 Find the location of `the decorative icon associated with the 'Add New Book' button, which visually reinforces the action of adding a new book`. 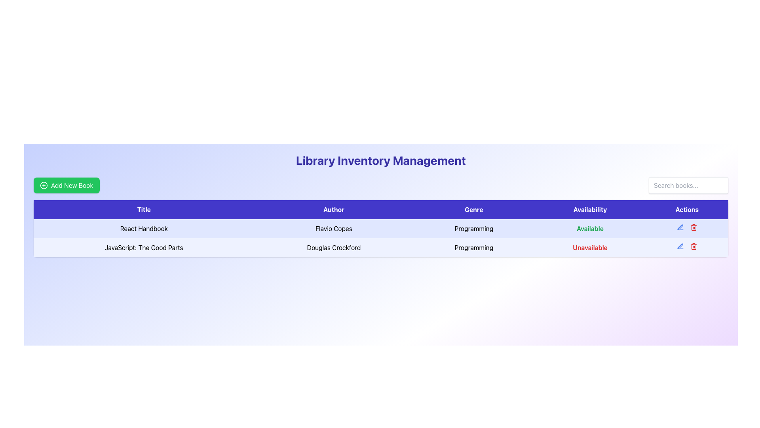

the decorative icon associated with the 'Add New Book' button, which visually reinforces the action of adding a new book is located at coordinates (43, 185).